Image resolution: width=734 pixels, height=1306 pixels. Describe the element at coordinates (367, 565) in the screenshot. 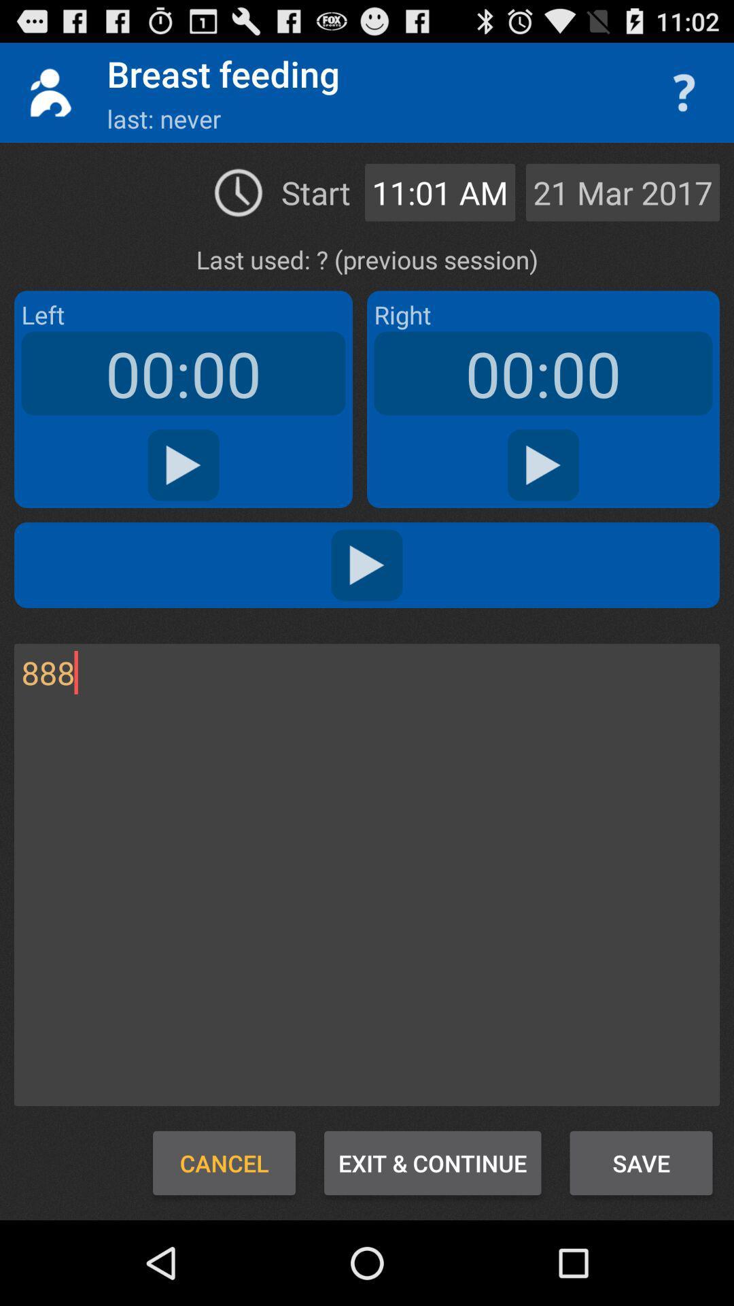

I see `left and right` at that location.